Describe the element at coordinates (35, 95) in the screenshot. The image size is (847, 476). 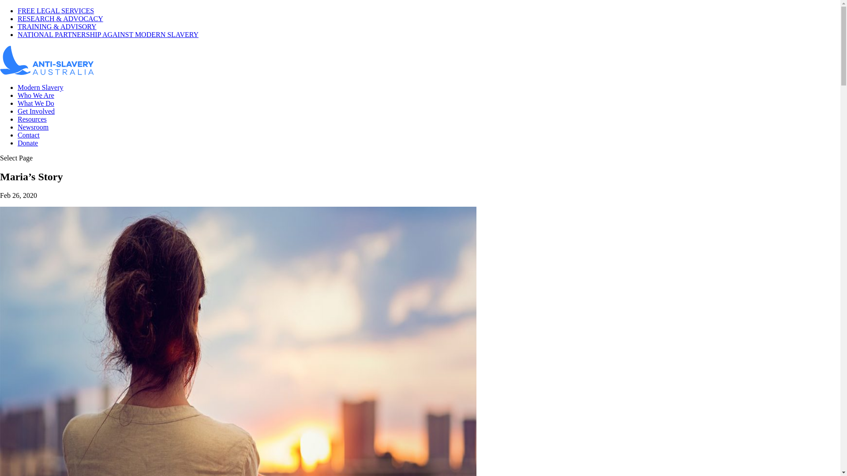
I see `'Who We Are'` at that location.